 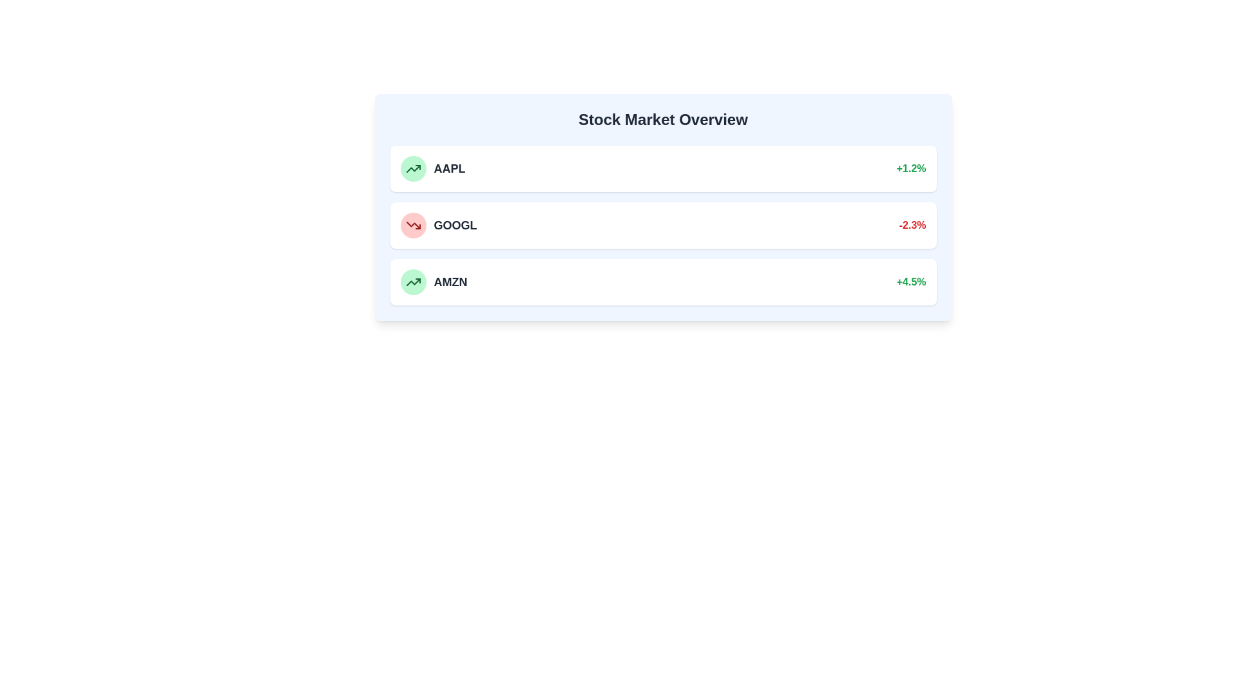 What do you see at coordinates (663, 168) in the screenshot?
I see `the stock entry for AAPL` at bounding box center [663, 168].